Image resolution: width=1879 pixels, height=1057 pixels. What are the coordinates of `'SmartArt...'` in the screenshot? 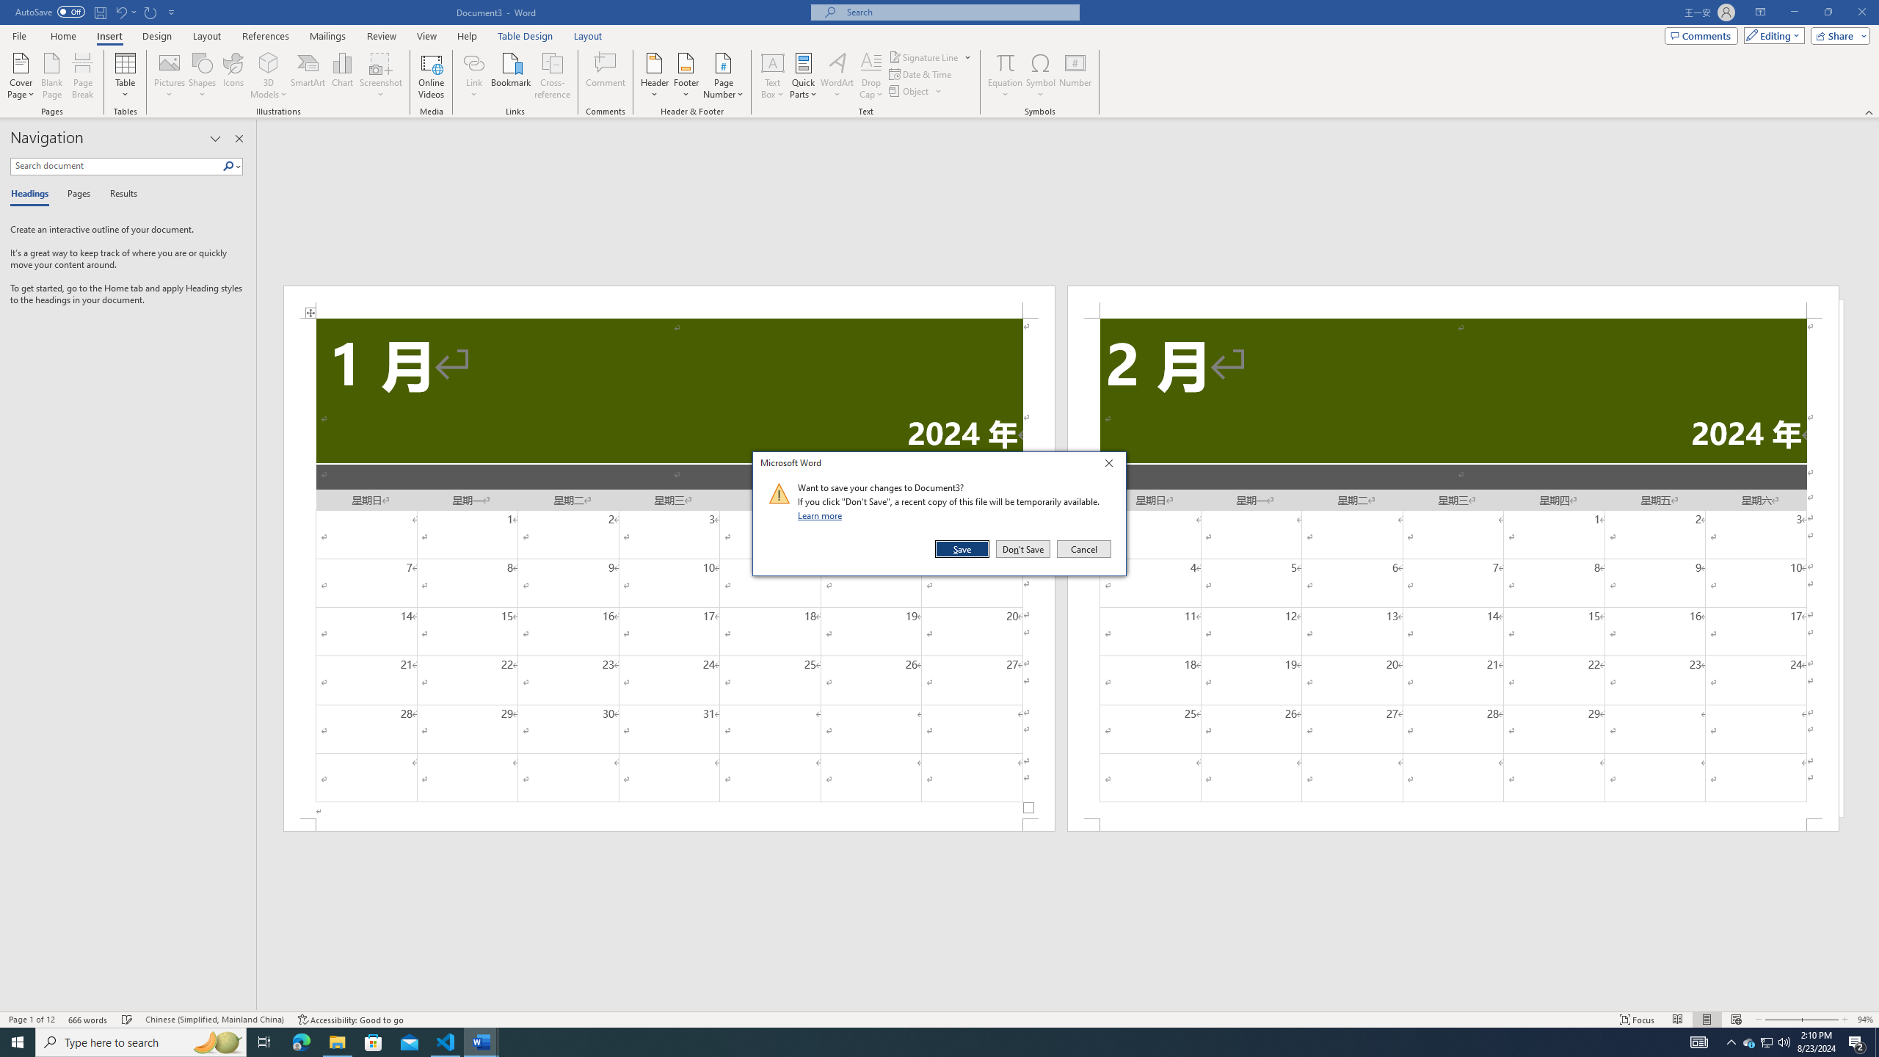 It's located at (308, 76).